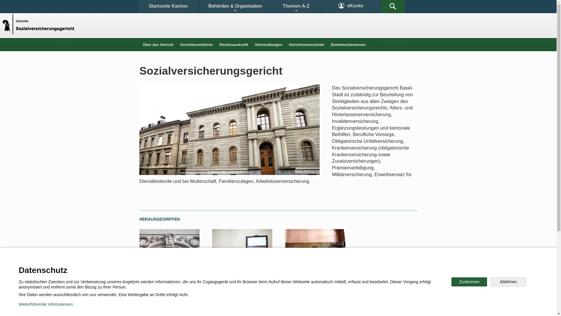 The height and width of the screenshot is (316, 561). Describe the element at coordinates (508, 281) in the screenshot. I see `'Ablehnen'` at that location.